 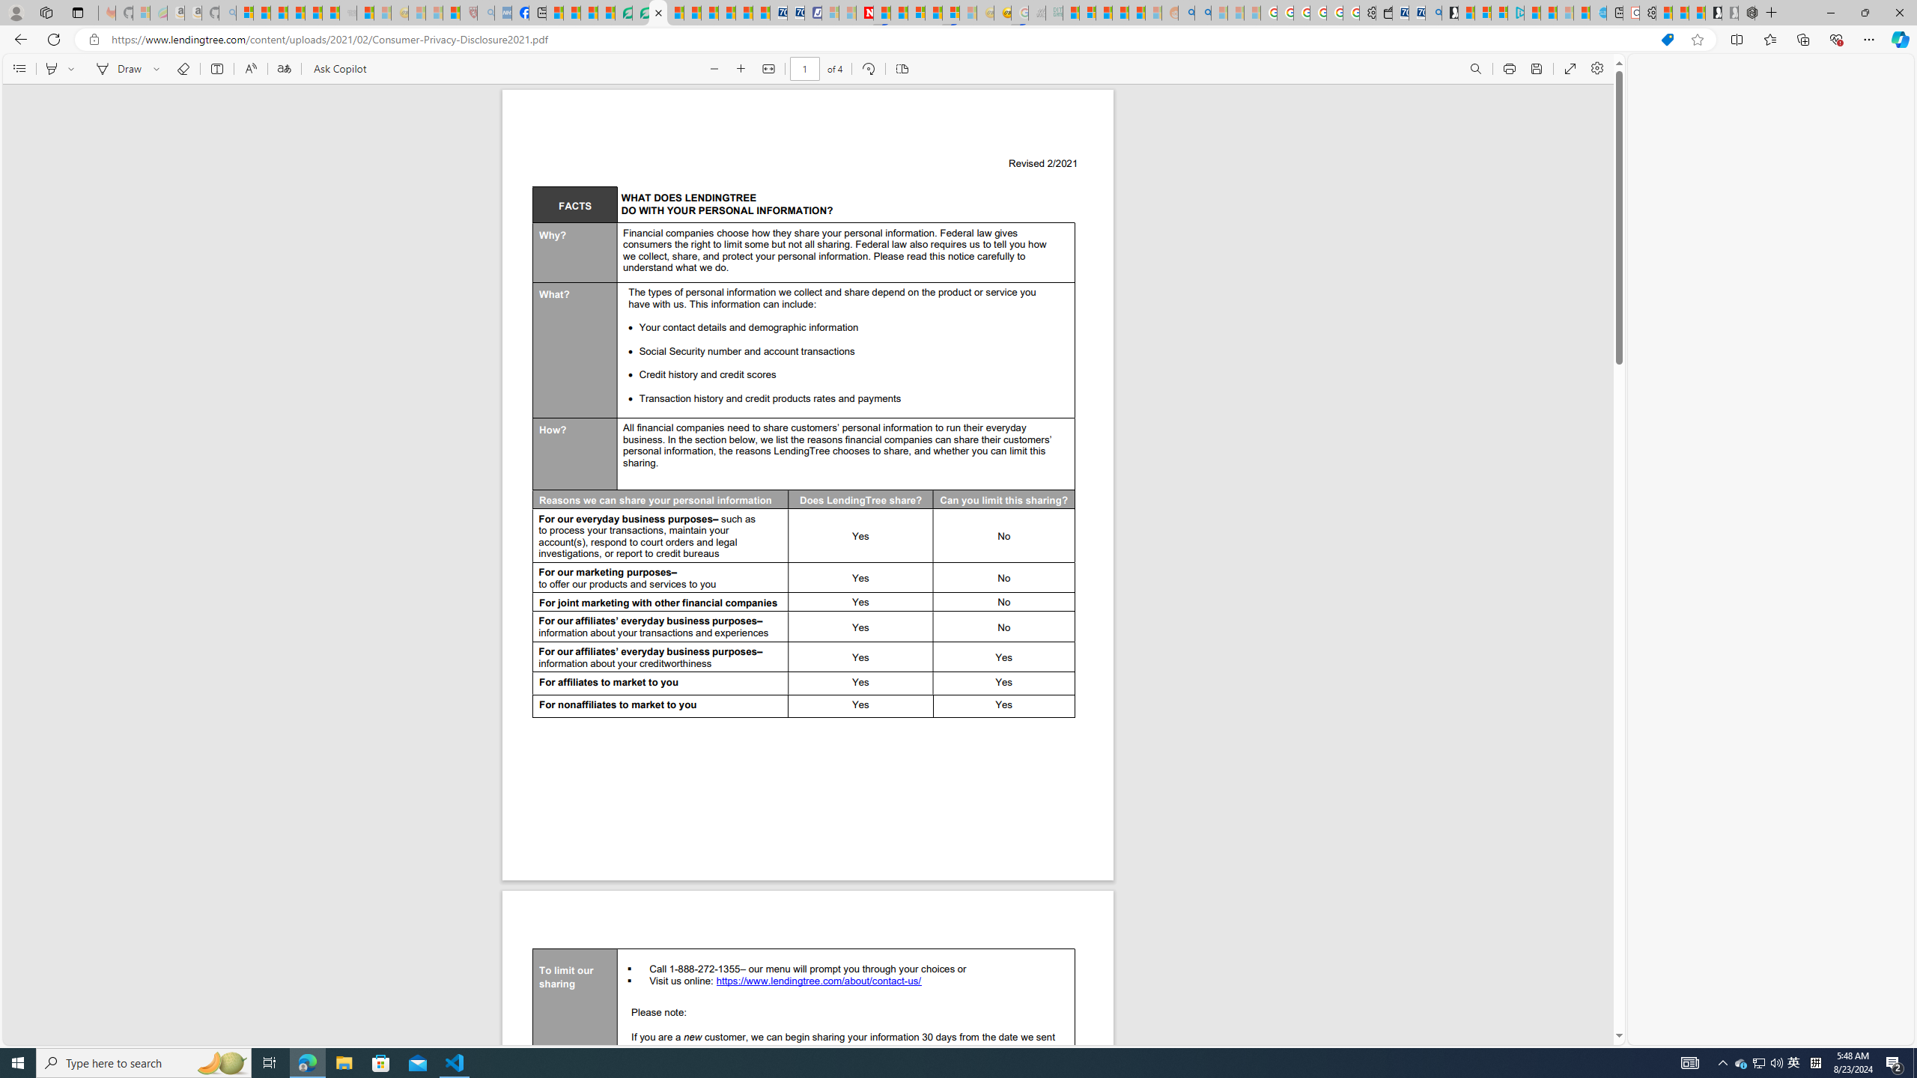 What do you see at coordinates (141, 12) in the screenshot?
I see `'Microsoft-Report a Concern to Bing - Sleeping'` at bounding box center [141, 12].